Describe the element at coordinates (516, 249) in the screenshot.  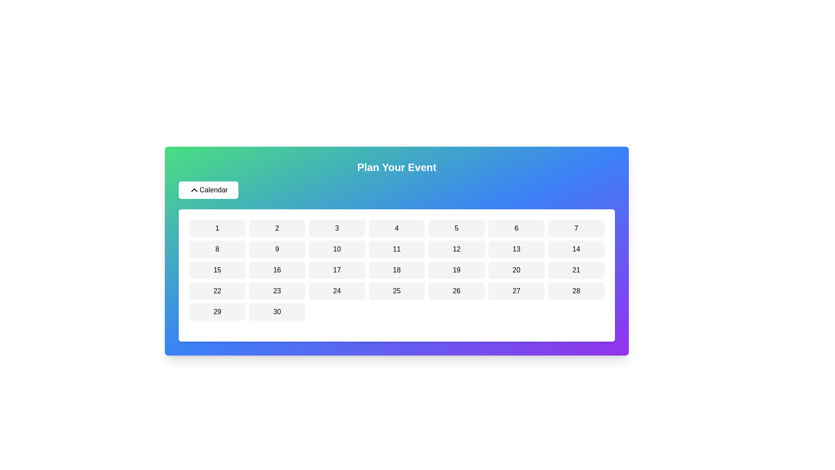
I see `the button in the second row and sixth column` at that location.